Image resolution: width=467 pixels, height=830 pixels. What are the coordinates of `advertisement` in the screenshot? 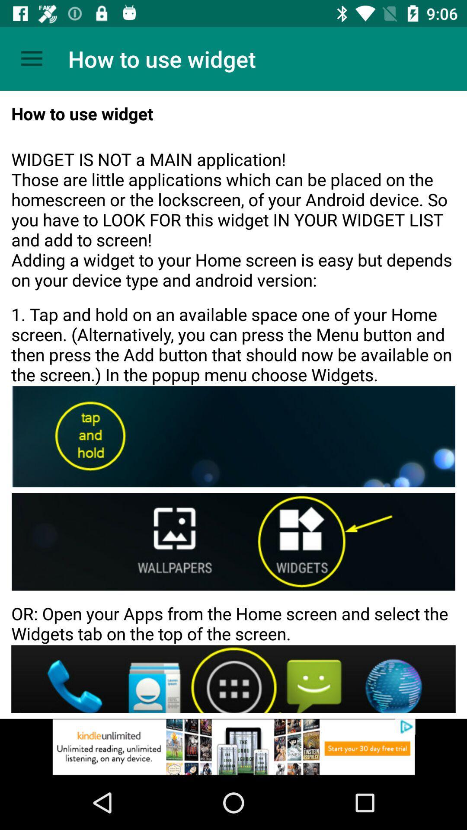 It's located at (233, 747).